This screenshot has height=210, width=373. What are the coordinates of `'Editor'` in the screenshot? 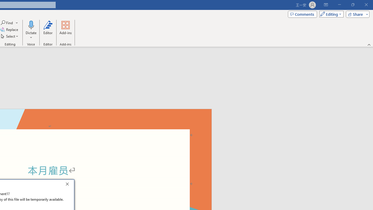 It's located at (48, 30).